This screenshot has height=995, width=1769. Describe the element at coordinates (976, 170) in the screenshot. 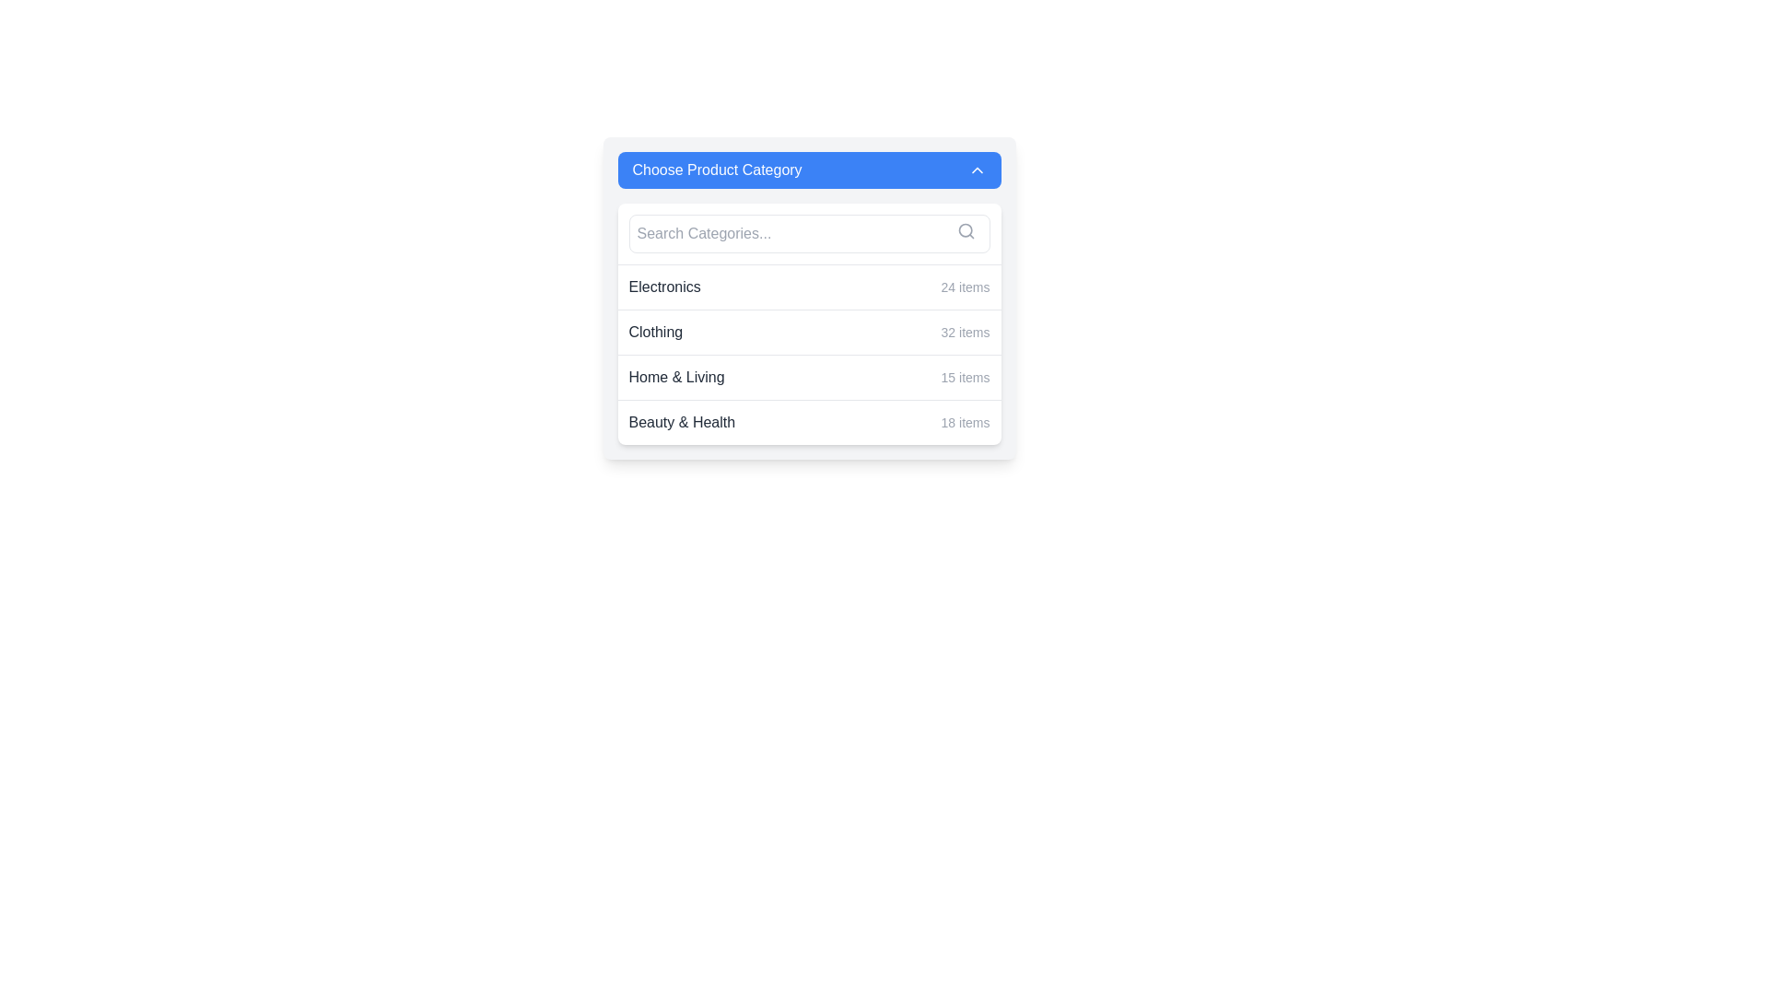

I see `the icon in the top-right corner of the 'Choose Product Category' button bar` at that location.